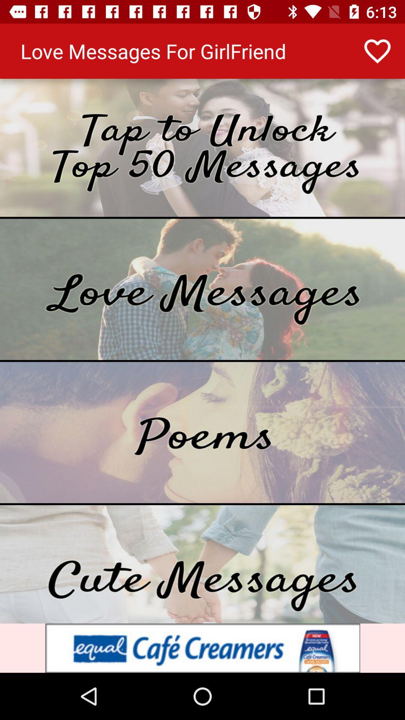 This screenshot has height=720, width=405. What do you see at coordinates (202, 648) in the screenshot?
I see `advertisement` at bounding box center [202, 648].